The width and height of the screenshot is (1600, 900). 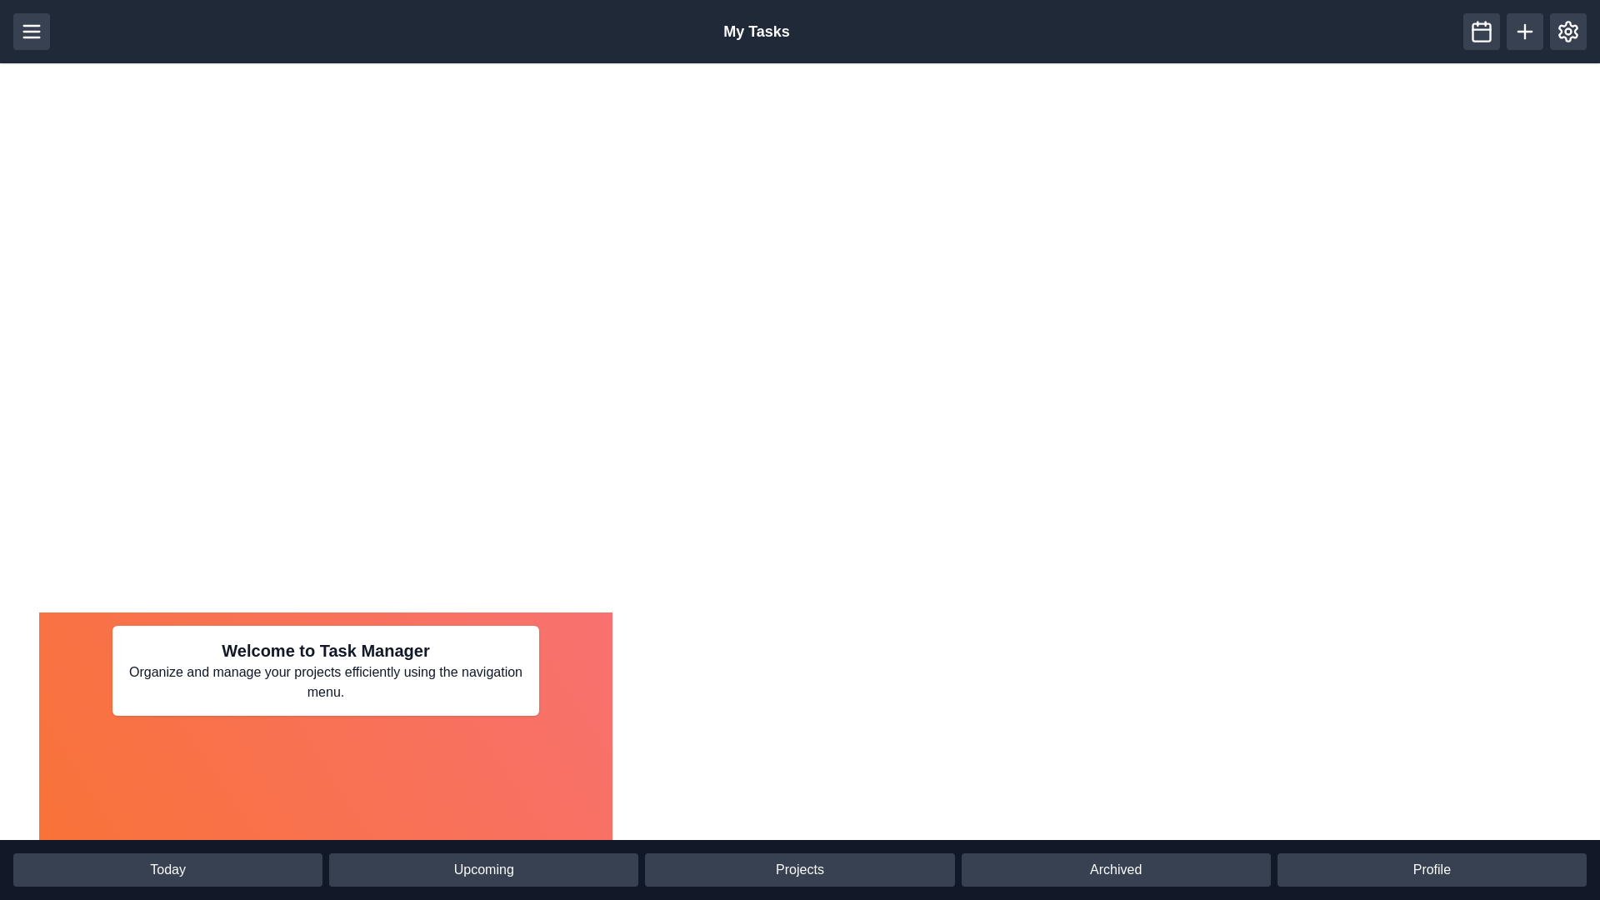 What do you see at coordinates (1524, 32) in the screenshot?
I see `the header button corresponding to add_task` at bounding box center [1524, 32].